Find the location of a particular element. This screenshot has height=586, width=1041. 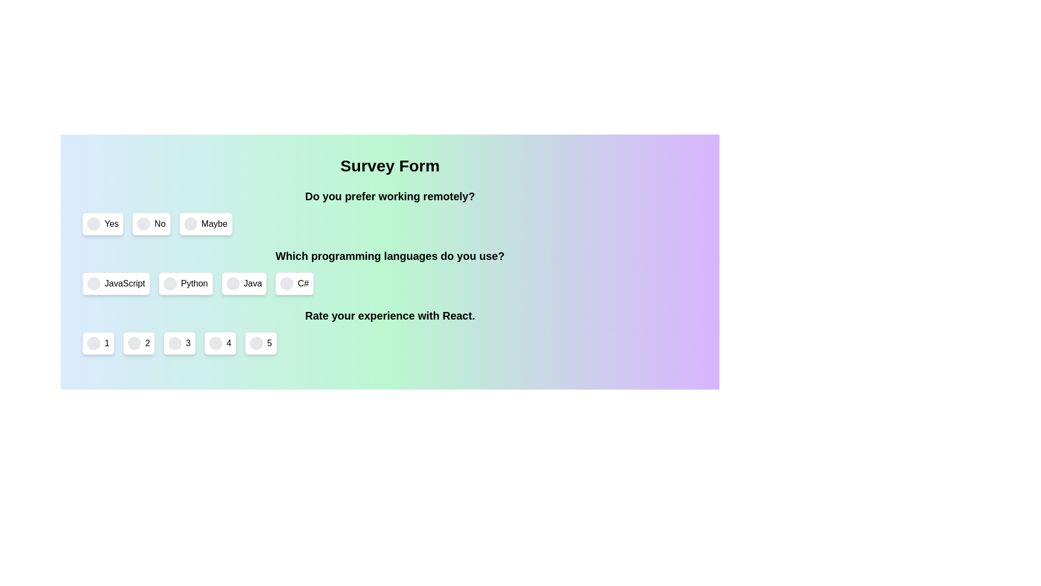

the radio button labeled '1' is located at coordinates (93, 343).